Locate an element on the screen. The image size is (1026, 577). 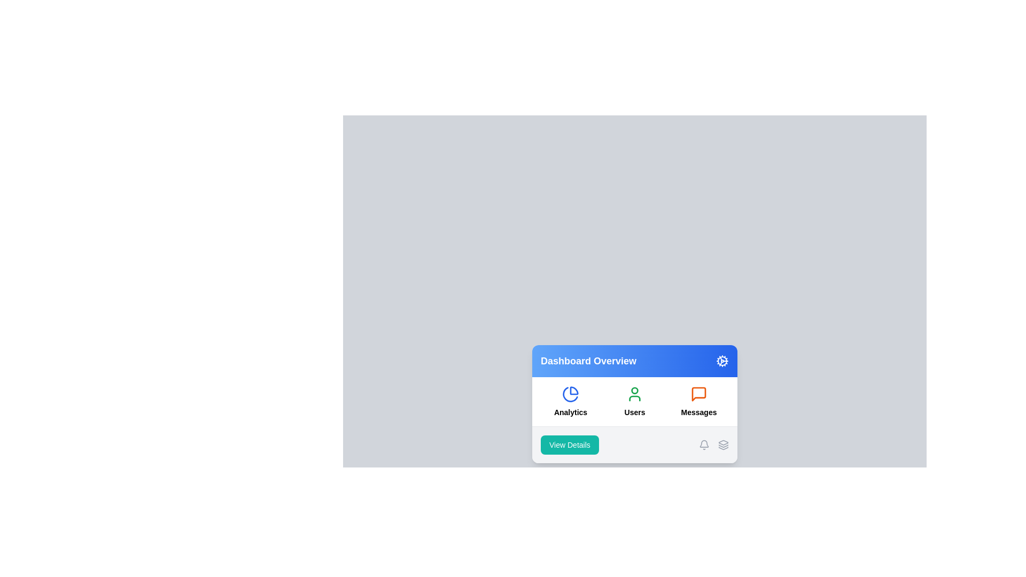
the user-related functionalities icon located in the 'Users' section of the dashboard, positioned above the label 'Users' and to the right of the 'Analytics' icon is located at coordinates (635, 394).